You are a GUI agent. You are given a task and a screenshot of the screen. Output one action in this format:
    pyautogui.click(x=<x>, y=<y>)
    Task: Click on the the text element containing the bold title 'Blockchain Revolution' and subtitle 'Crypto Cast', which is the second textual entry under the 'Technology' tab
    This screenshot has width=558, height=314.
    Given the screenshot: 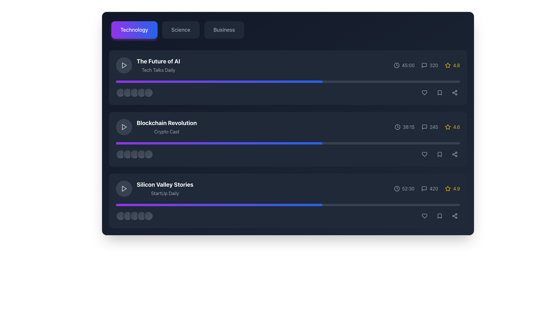 What is the action you would take?
    pyautogui.click(x=166, y=126)
    